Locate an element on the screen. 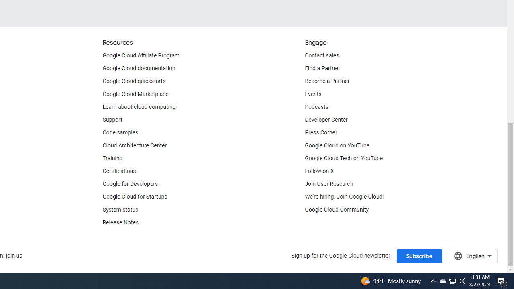 The width and height of the screenshot is (514, 289). 'Google Cloud Affiliate Program' is located at coordinates (141, 55).